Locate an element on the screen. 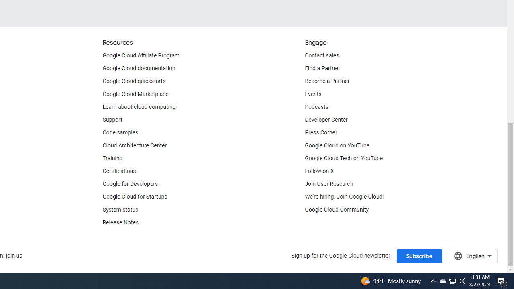 The width and height of the screenshot is (514, 289). 'Google Cloud Affiliate Program' is located at coordinates (141, 55).